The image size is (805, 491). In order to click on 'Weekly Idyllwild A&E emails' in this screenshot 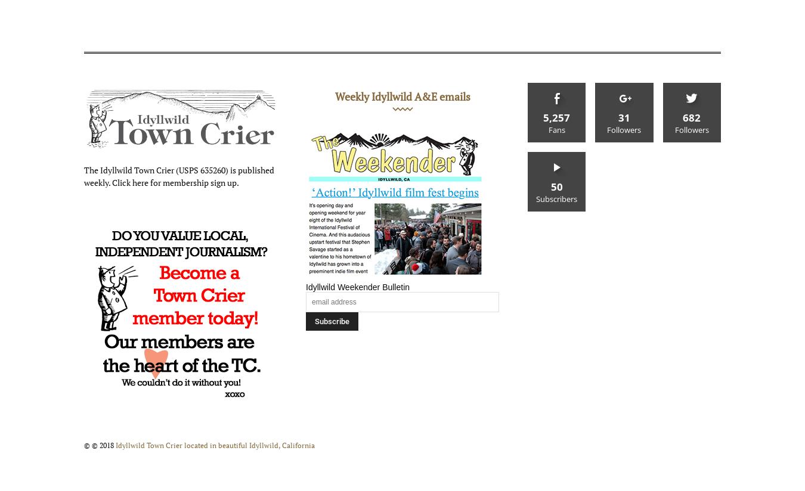, I will do `click(402, 95)`.